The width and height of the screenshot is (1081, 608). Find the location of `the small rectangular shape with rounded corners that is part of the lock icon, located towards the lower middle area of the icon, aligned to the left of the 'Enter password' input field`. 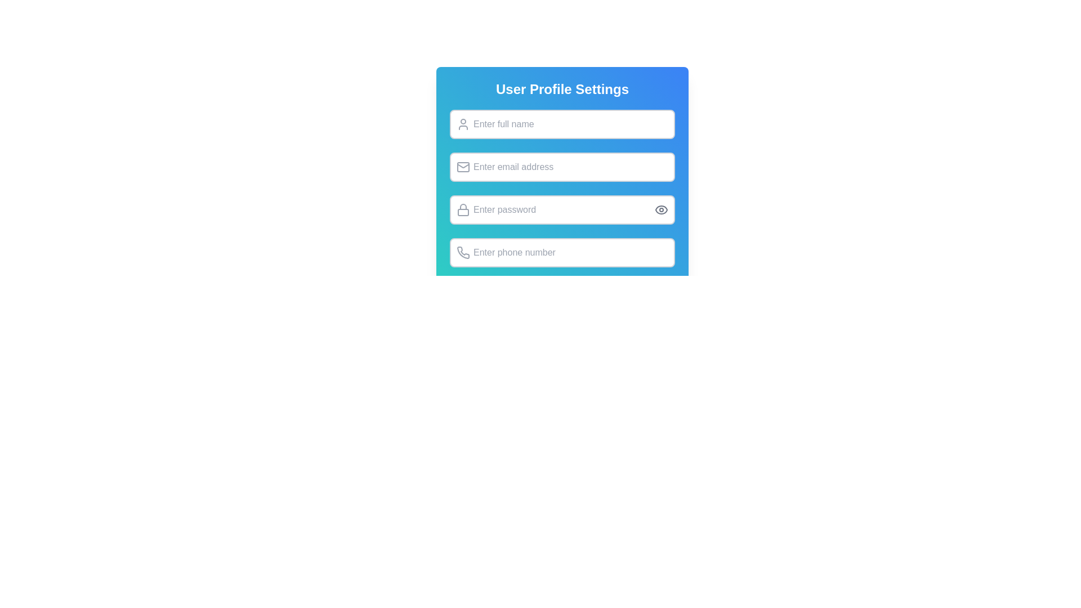

the small rectangular shape with rounded corners that is part of the lock icon, located towards the lower middle area of the icon, aligned to the left of the 'Enter password' input field is located at coordinates (463, 212).